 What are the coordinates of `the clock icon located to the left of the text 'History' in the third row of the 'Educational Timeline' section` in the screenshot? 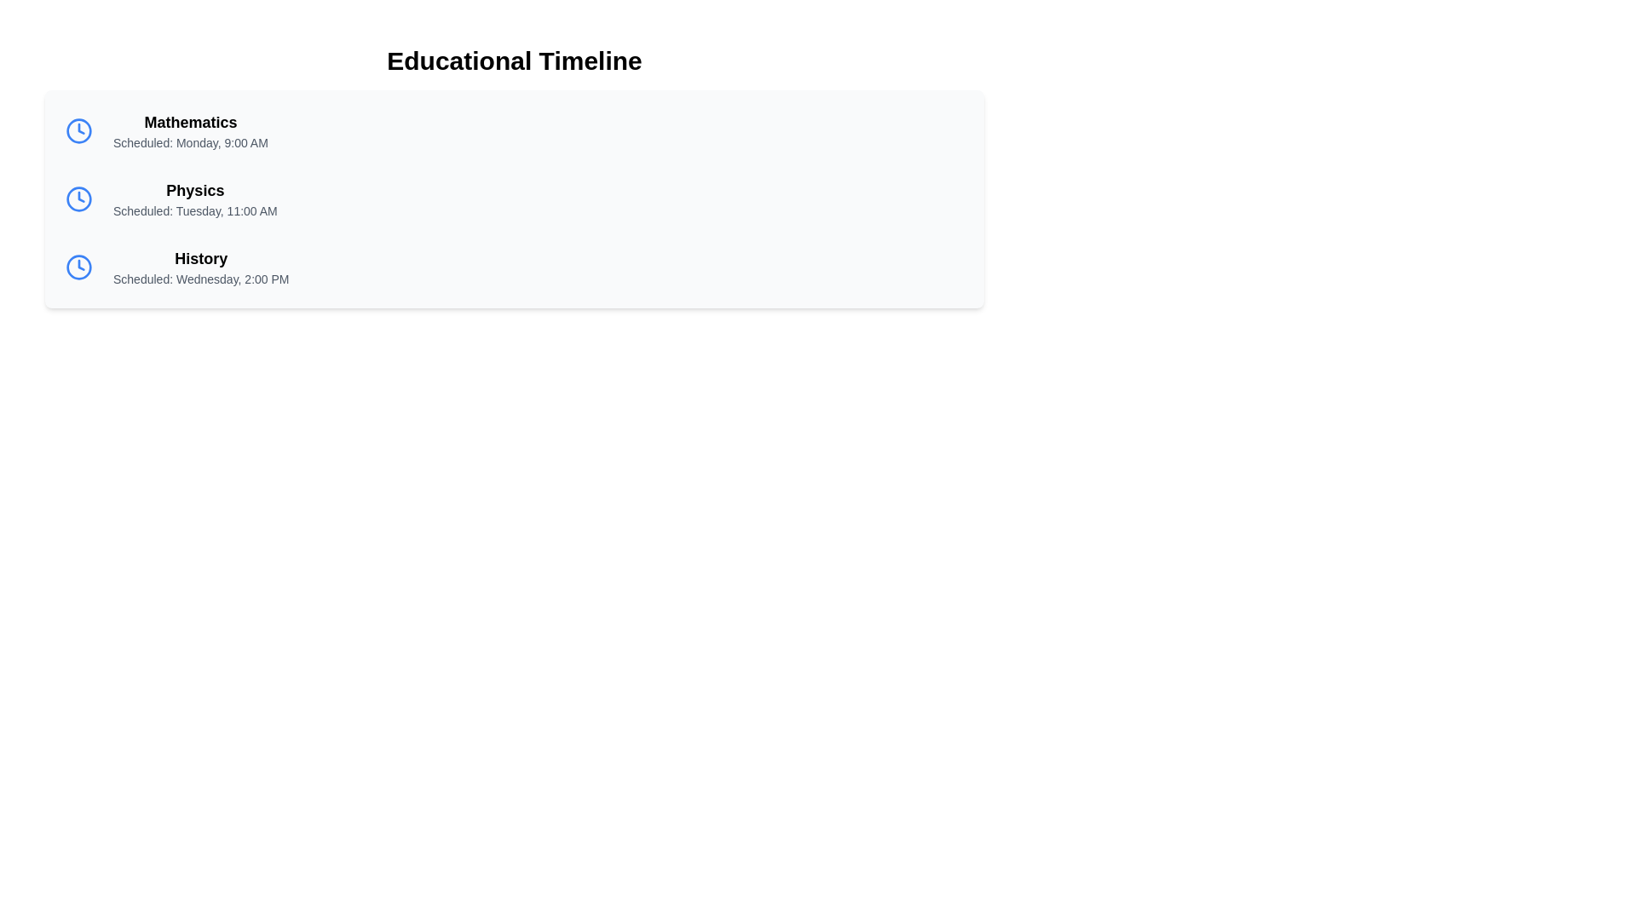 It's located at (78, 267).